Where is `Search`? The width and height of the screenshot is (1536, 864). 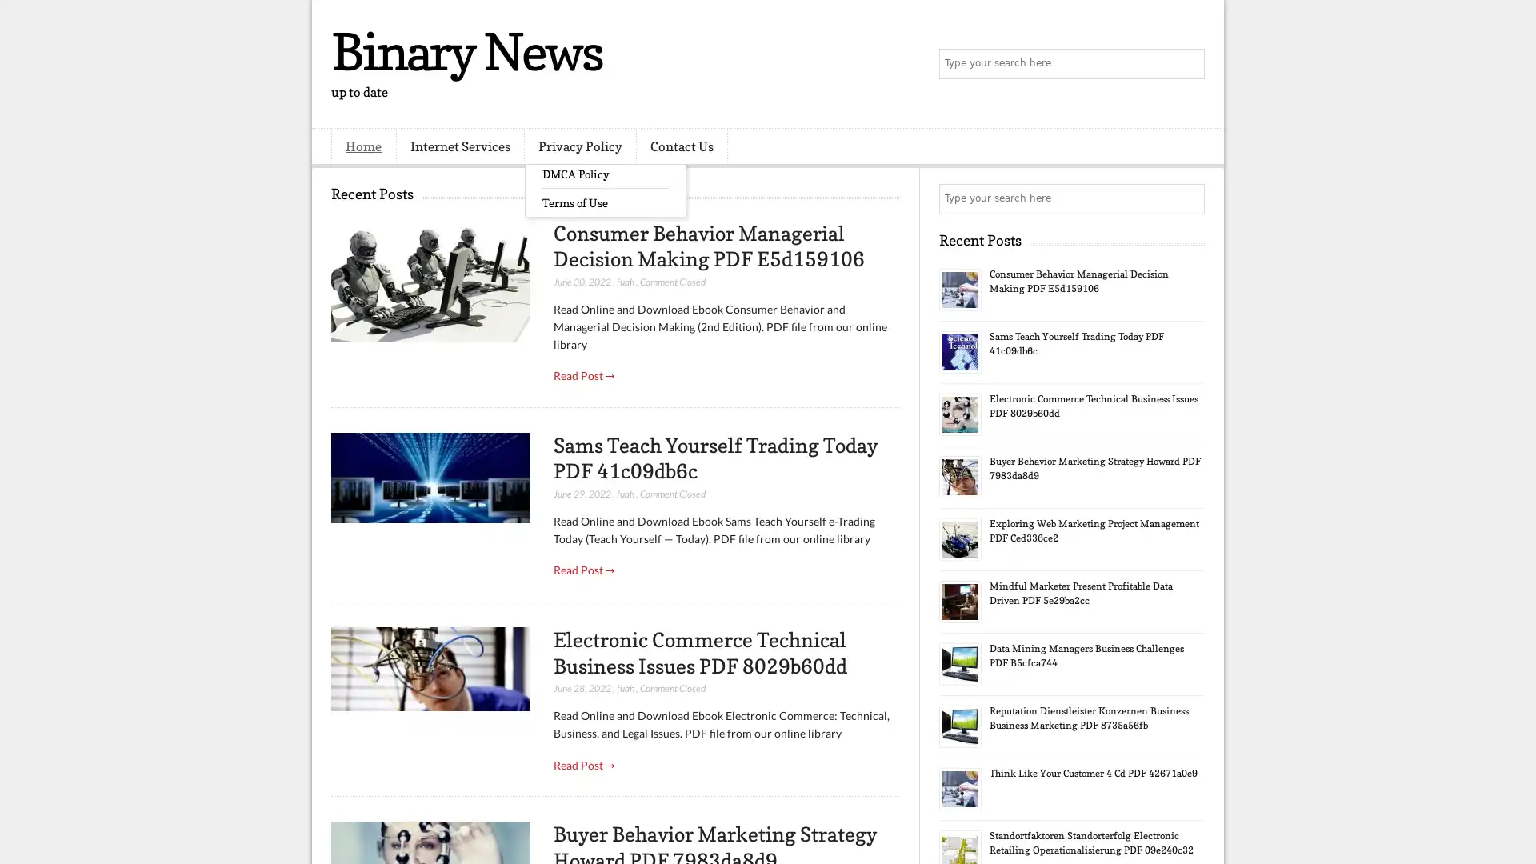 Search is located at coordinates (1188, 198).